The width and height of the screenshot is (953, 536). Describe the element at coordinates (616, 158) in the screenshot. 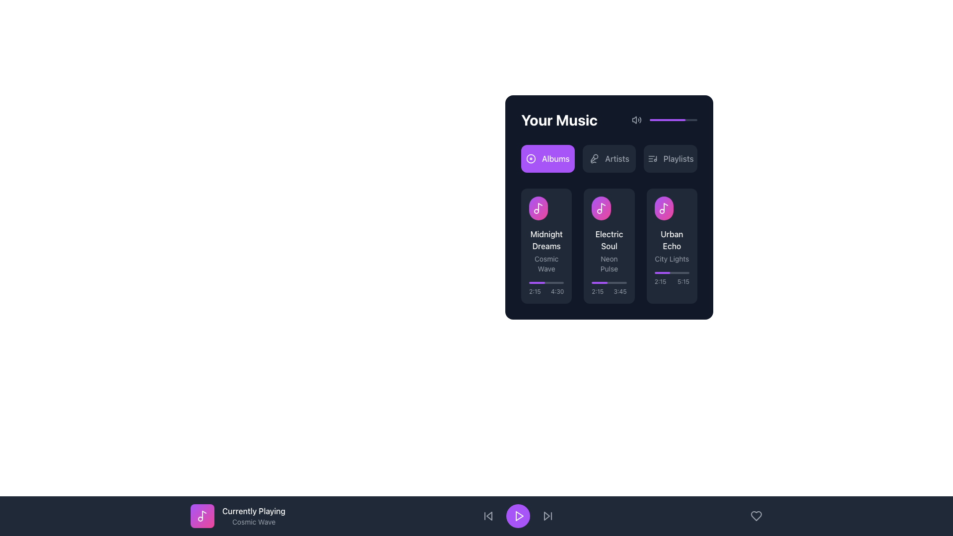

I see `the 'Artists' text label within the button, which is styled in a medium font weight and is the second button in a horizontal row of options (Albums, Artists, Playlists)` at that location.